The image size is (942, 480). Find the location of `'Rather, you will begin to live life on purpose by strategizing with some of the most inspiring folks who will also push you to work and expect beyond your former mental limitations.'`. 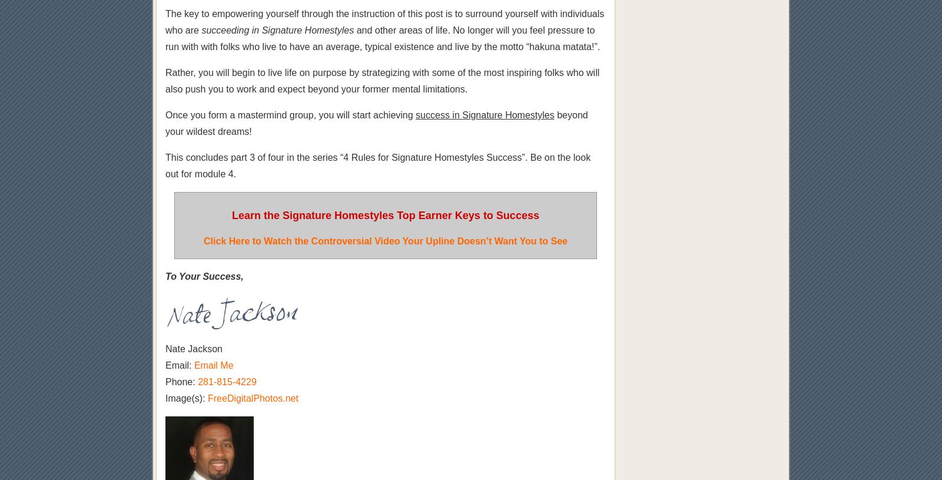

'Rather, you will begin to live life on purpose by strategizing with some of the most inspiring folks who will also push you to work and expect beyond your former mental limitations.' is located at coordinates (382, 81).